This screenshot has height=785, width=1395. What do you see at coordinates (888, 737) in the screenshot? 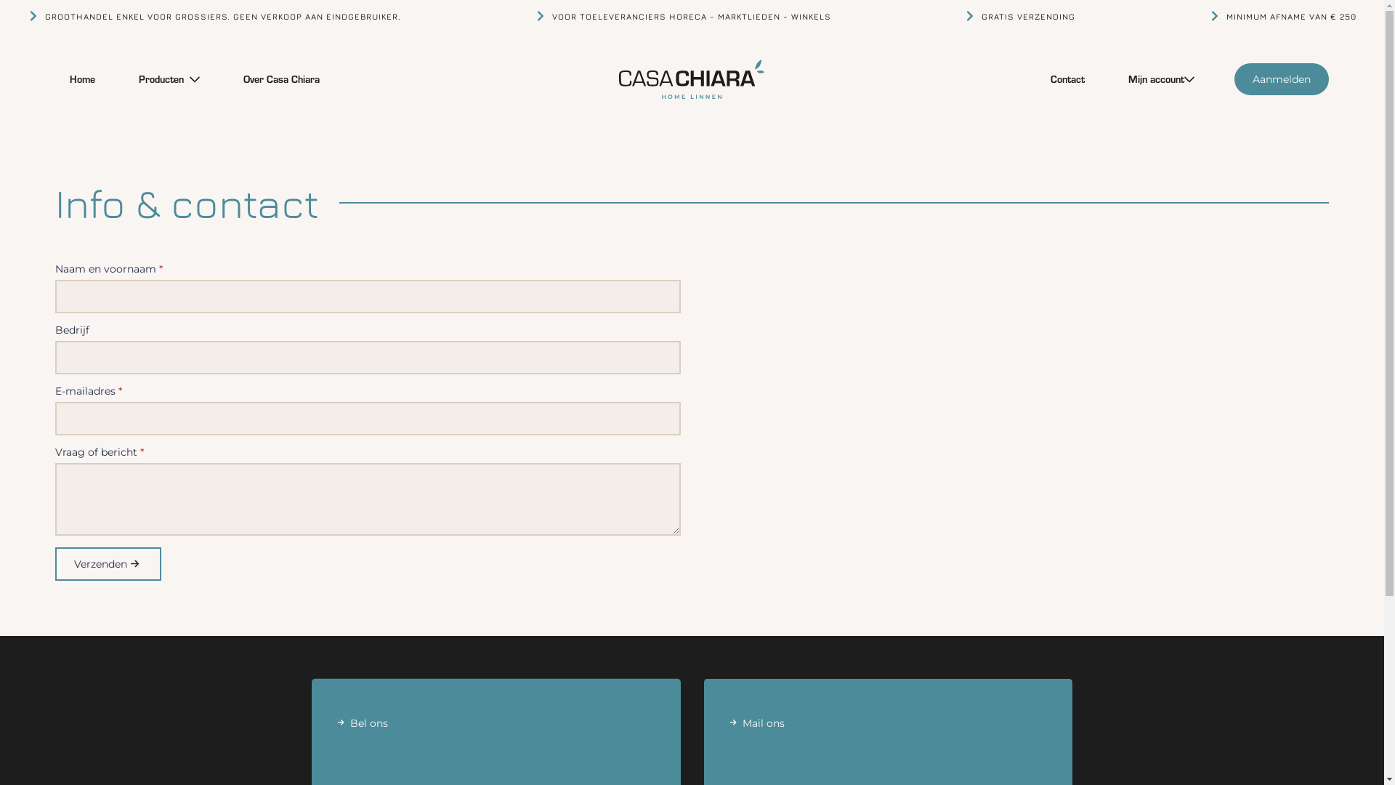
I see `'Mail ons'` at bounding box center [888, 737].